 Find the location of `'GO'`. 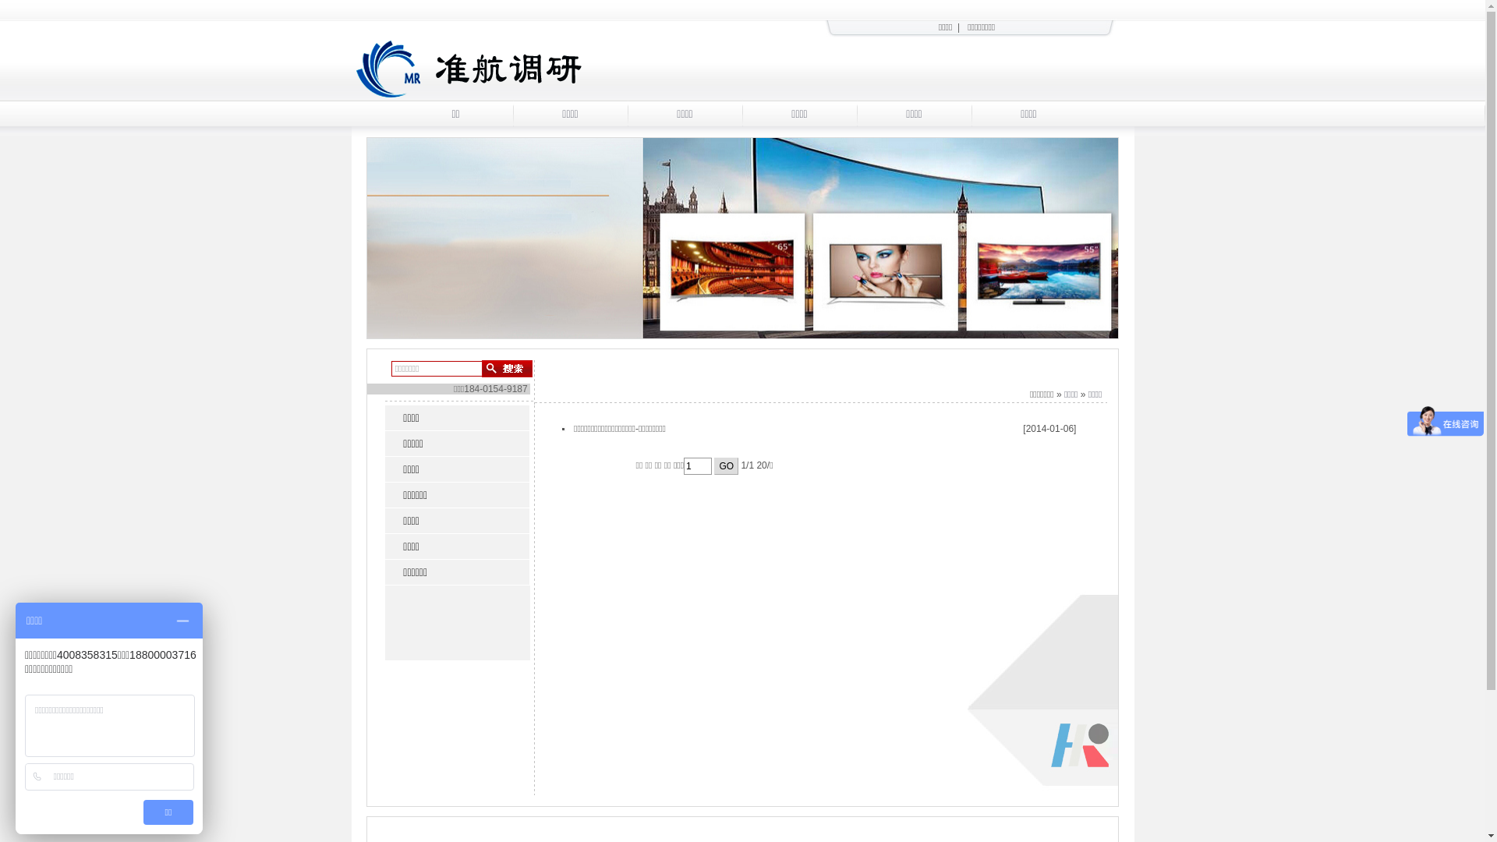

'GO' is located at coordinates (725, 465).